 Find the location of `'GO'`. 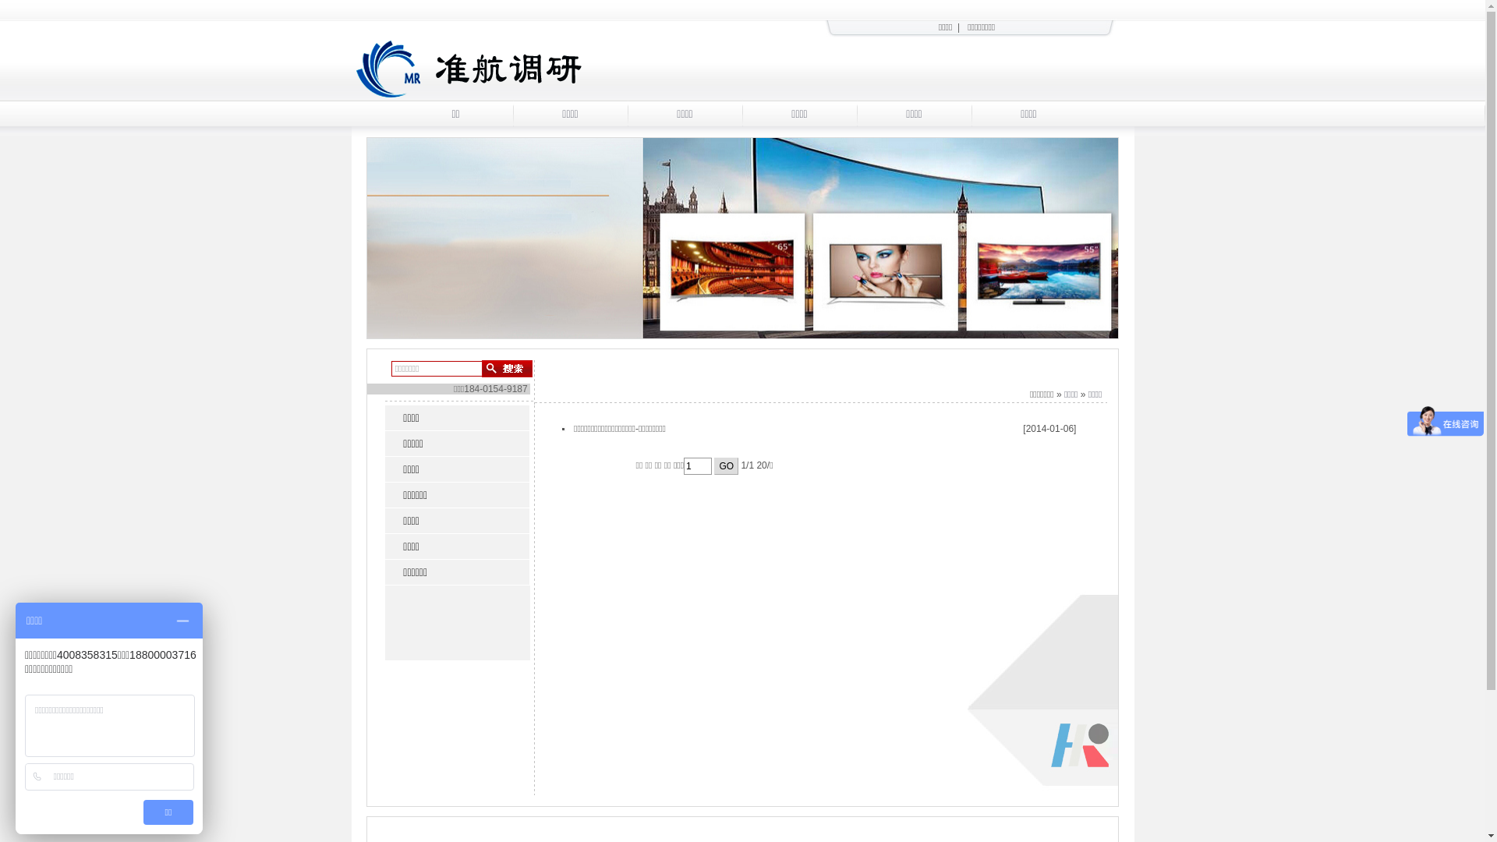

'GO' is located at coordinates (725, 465).